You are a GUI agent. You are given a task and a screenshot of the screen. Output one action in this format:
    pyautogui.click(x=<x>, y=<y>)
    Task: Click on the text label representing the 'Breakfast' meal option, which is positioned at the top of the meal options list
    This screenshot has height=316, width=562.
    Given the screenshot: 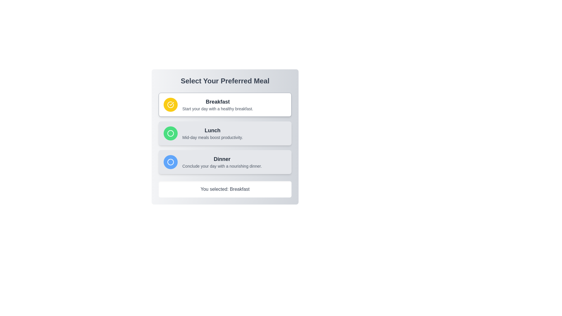 What is the action you would take?
    pyautogui.click(x=217, y=101)
    